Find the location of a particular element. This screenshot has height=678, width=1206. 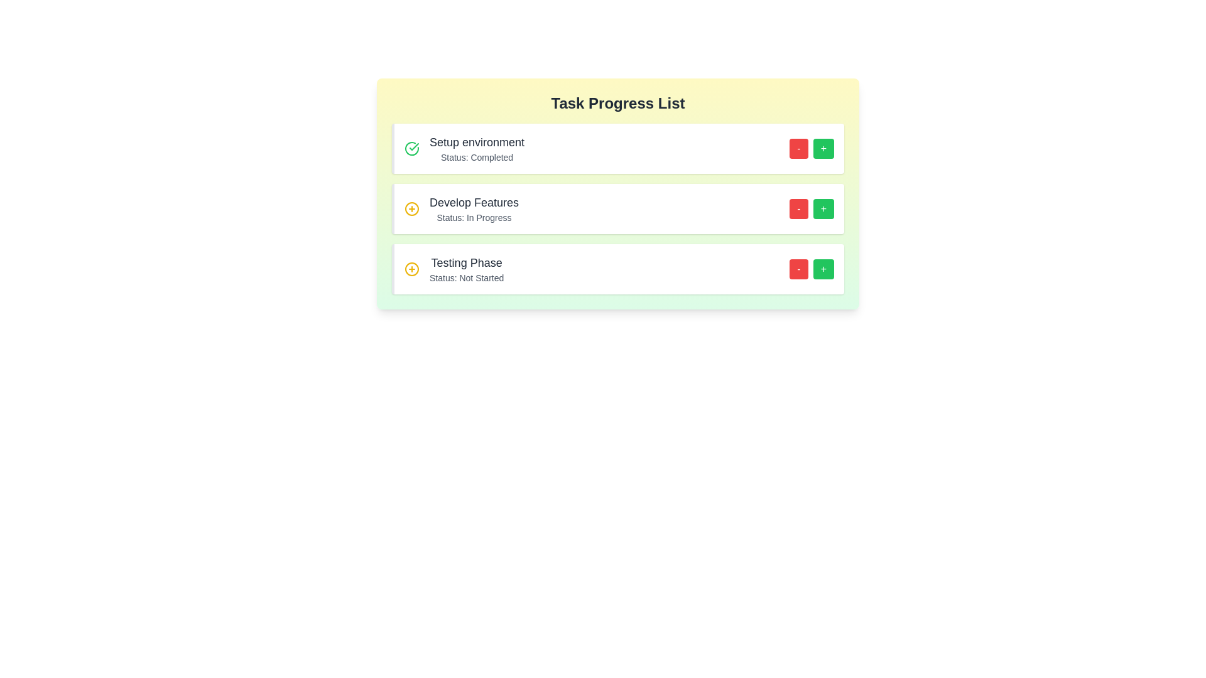

the decrease button for the task 'Testing Phase' is located at coordinates (798, 268).